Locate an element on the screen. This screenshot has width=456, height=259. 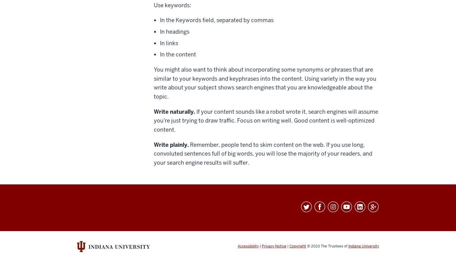
'In the content' is located at coordinates (178, 54).